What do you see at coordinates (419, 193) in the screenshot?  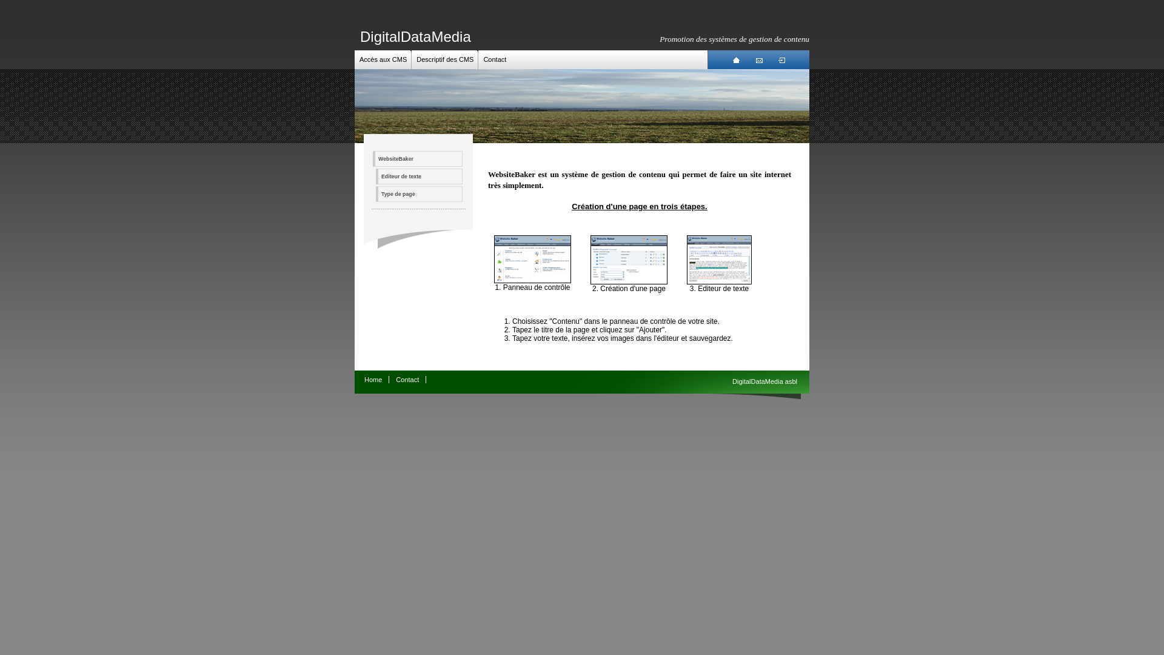 I see `'Type de page'` at bounding box center [419, 193].